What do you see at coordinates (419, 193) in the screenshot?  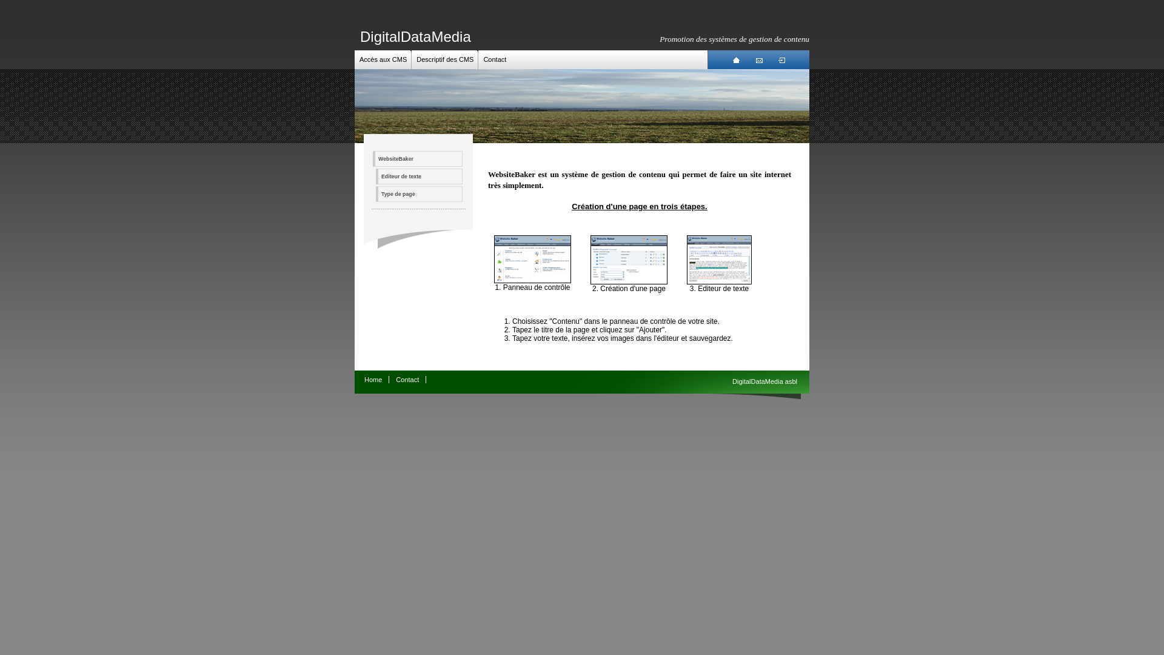 I see `'Type de page'` at bounding box center [419, 193].